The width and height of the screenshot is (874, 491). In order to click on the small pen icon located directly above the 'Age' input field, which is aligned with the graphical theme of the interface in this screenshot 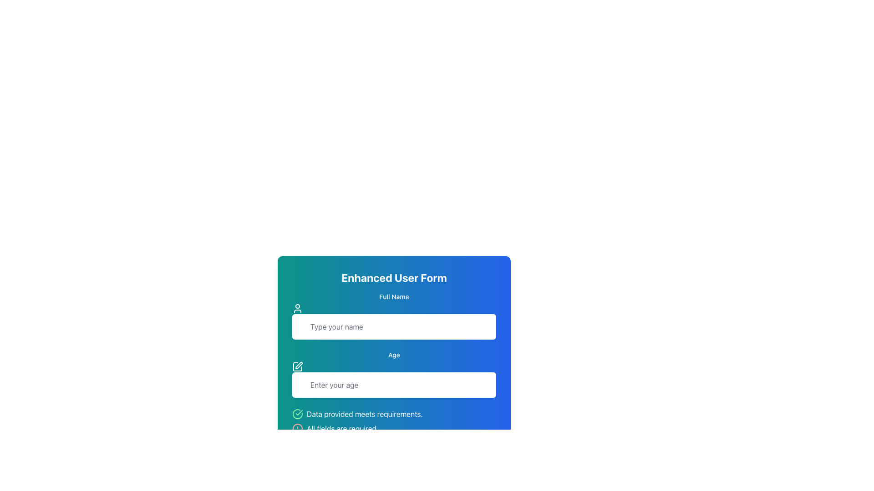, I will do `click(299, 365)`.